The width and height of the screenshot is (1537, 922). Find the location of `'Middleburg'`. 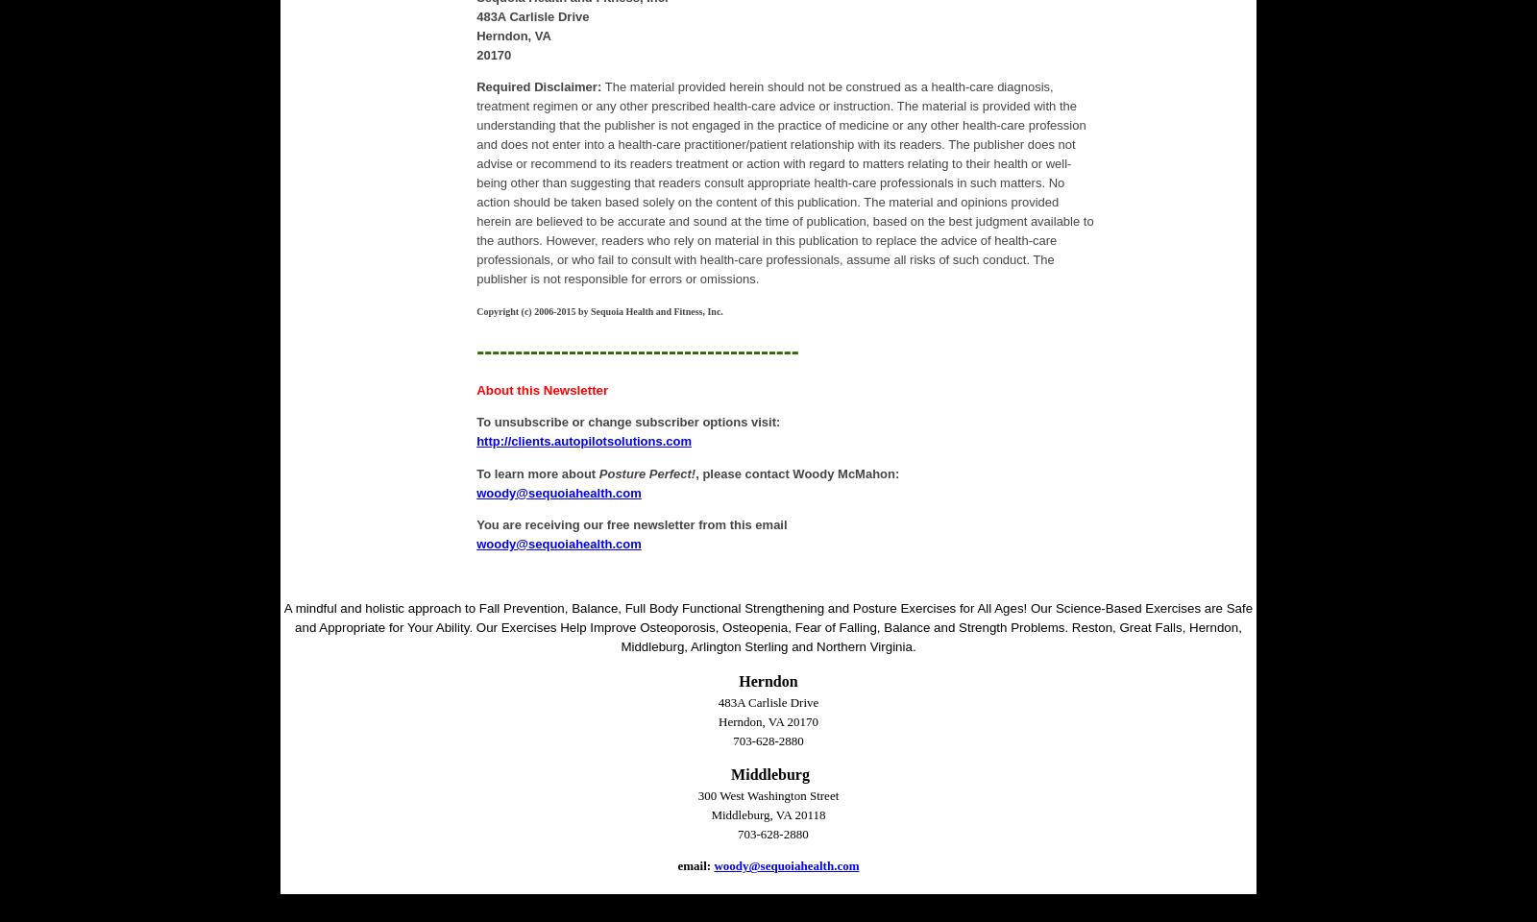

'Middleburg' is located at coordinates (768, 773).